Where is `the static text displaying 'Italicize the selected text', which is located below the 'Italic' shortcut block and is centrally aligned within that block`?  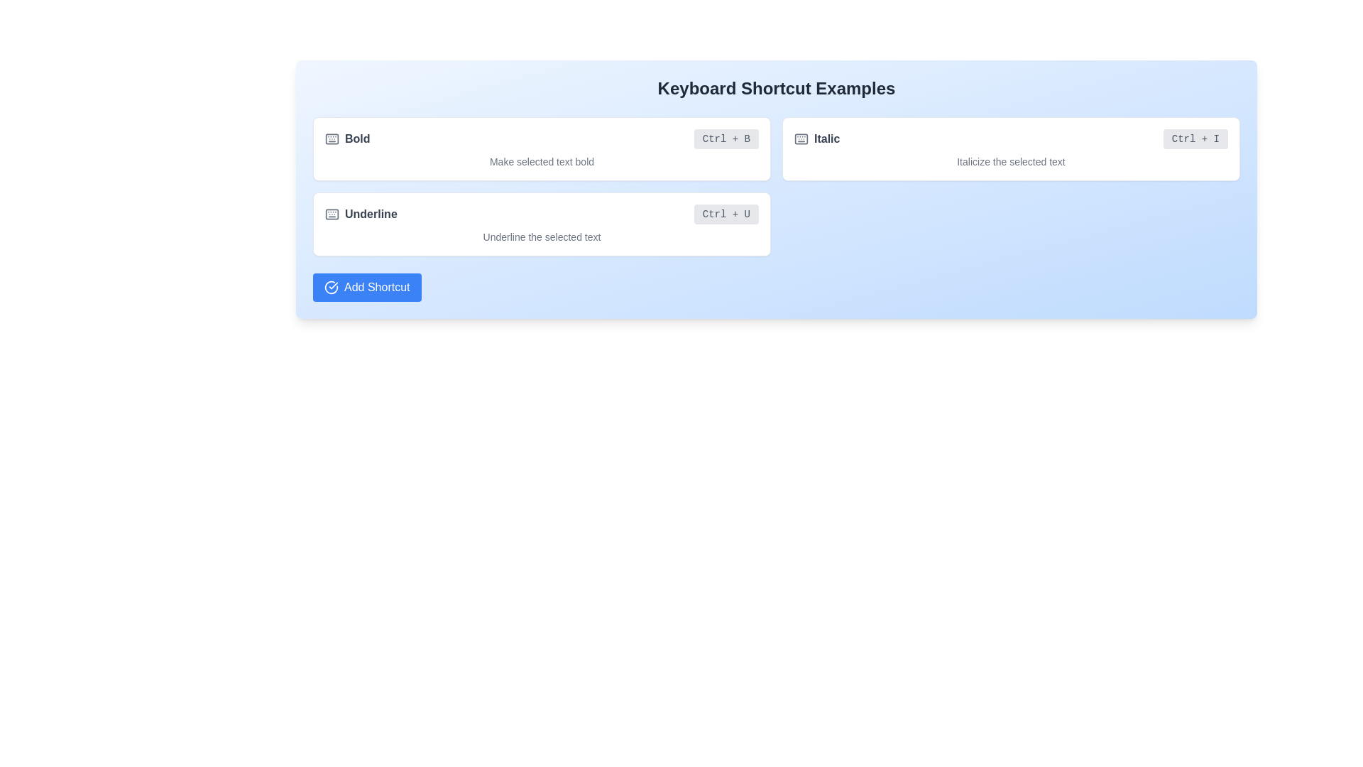 the static text displaying 'Italicize the selected text', which is located below the 'Italic' shortcut block and is centrally aligned within that block is located at coordinates (1010, 161).